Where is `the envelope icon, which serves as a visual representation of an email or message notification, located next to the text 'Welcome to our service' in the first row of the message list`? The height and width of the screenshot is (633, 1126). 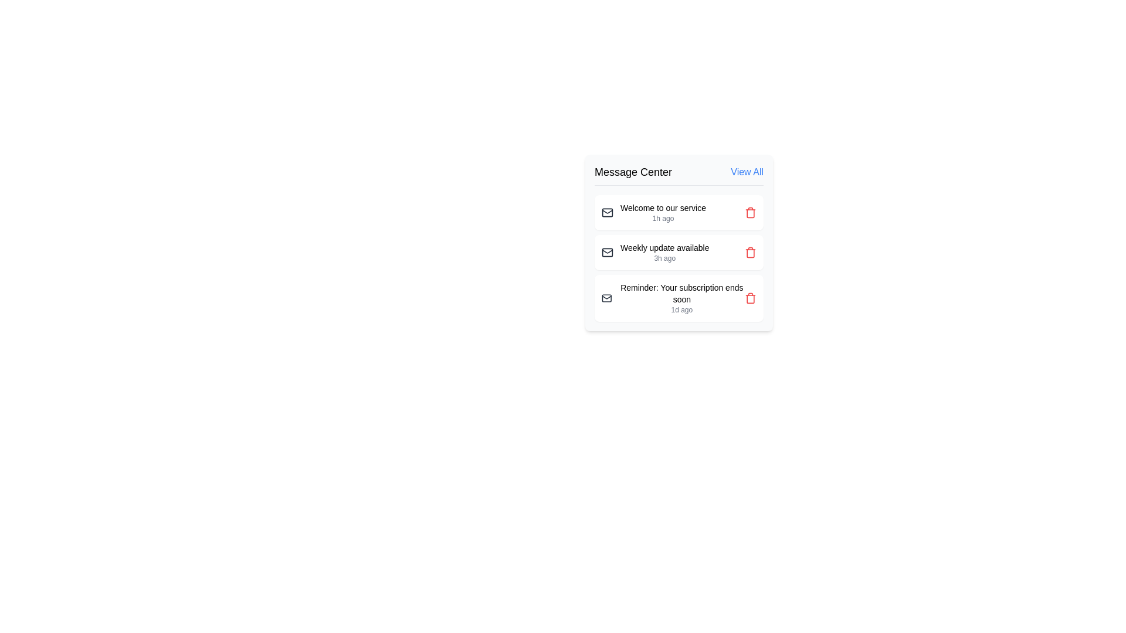 the envelope icon, which serves as a visual representation of an email or message notification, located next to the text 'Welcome to our service' in the first row of the message list is located at coordinates (608, 212).